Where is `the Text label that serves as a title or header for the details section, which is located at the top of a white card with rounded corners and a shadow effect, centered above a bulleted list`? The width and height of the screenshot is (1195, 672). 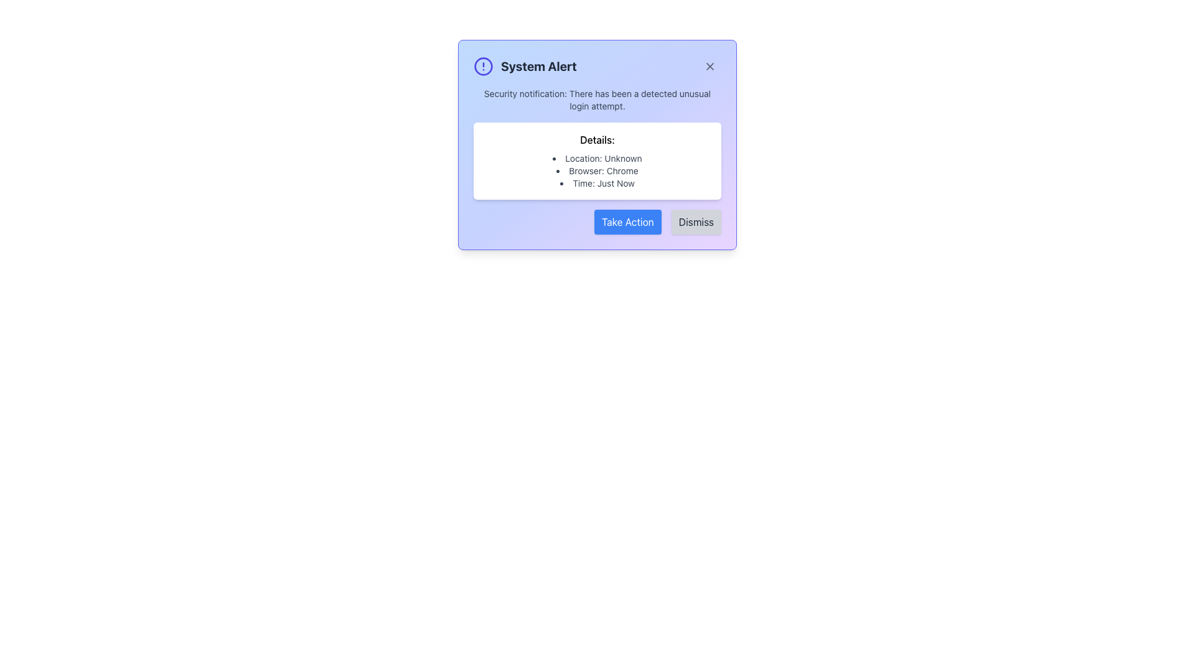
the Text label that serves as a title or header for the details section, which is located at the top of a white card with rounded corners and a shadow effect, centered above a bulleted list is located at coordinates (597, 139).